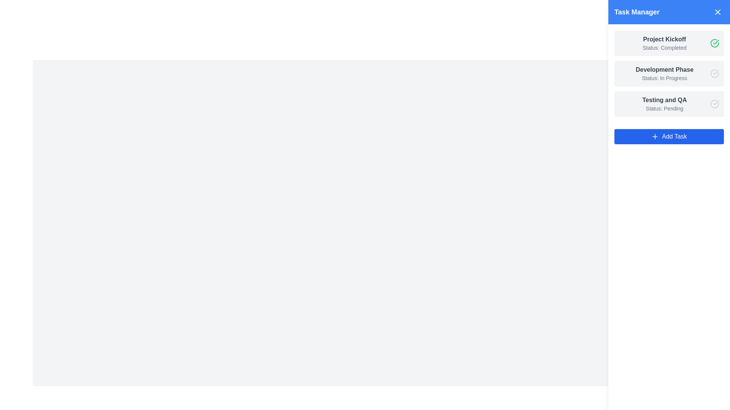 This screenshot has width=730, height=410. What do you see at coordinates (714, 43) in the screenshot?
I see `the style of the Status indicator icon, which is a circular icon with a checkmark in the middle, styled with a green border, located inside the 'Project Kickoff' item in the 'Task Manager' panel` at bounding box center [714, 43].